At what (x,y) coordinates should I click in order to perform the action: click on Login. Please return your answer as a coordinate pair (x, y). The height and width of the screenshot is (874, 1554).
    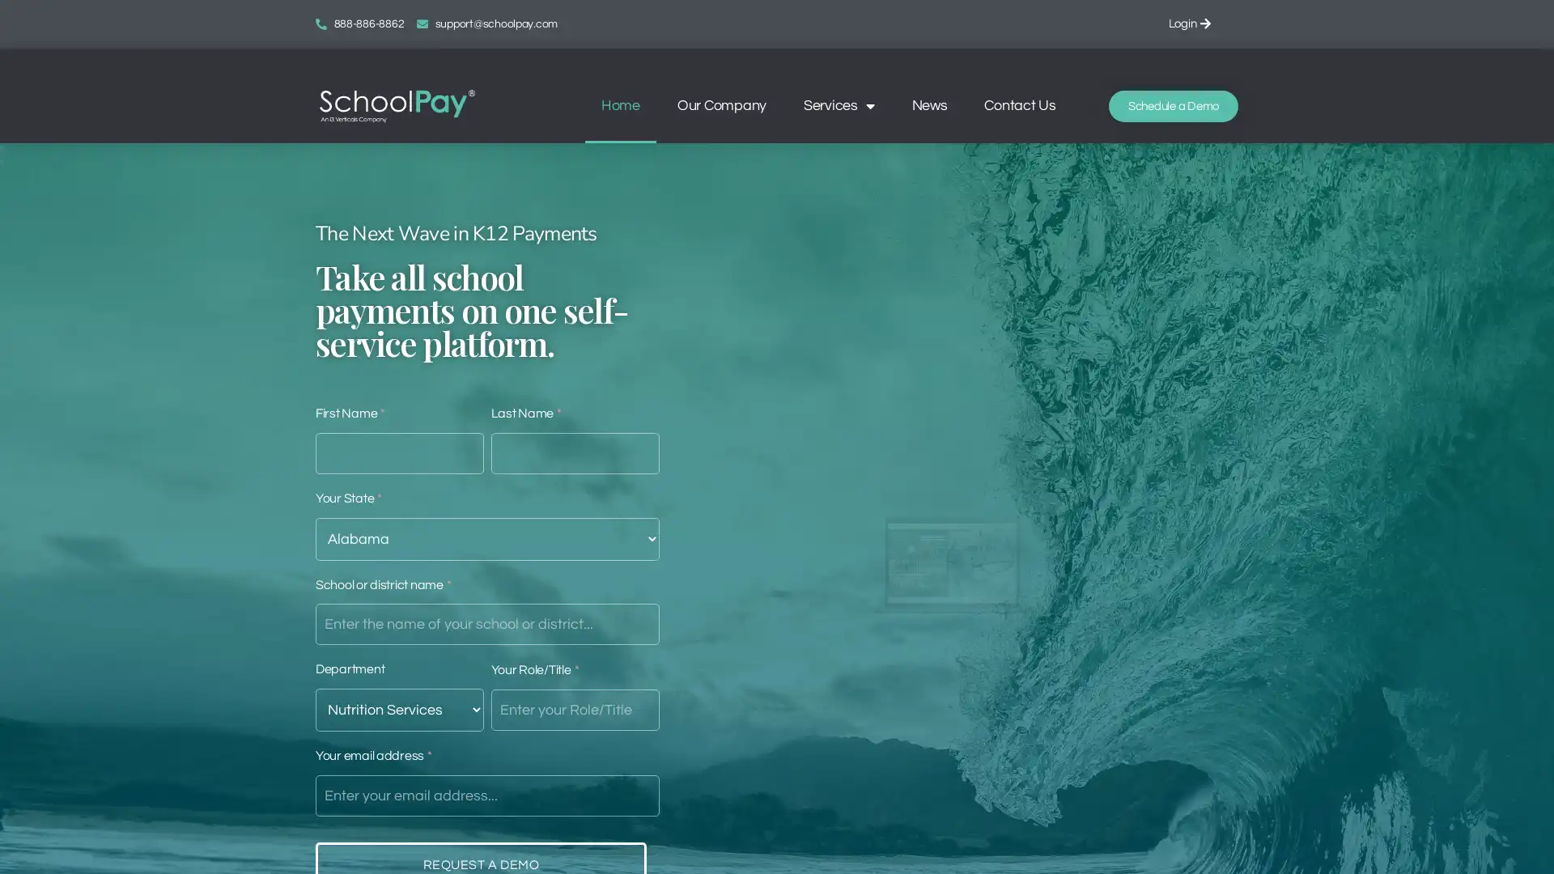
    Looking at the image, I should click on (1189, 24).